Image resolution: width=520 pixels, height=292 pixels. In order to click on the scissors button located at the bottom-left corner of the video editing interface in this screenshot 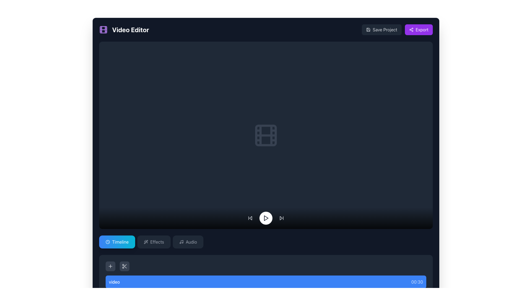, I will do `click(124, 266)`.